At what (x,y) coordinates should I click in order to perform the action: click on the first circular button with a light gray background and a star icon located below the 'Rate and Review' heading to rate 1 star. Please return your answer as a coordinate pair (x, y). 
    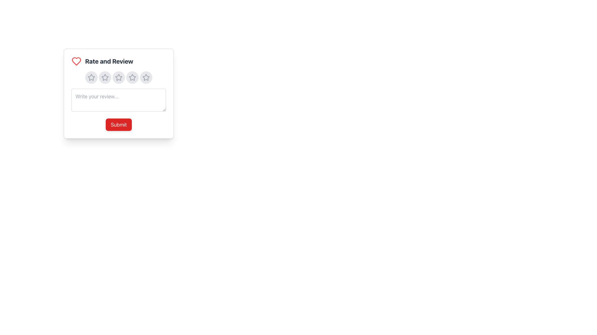
    Looking at the image, I should click on (91, 77).